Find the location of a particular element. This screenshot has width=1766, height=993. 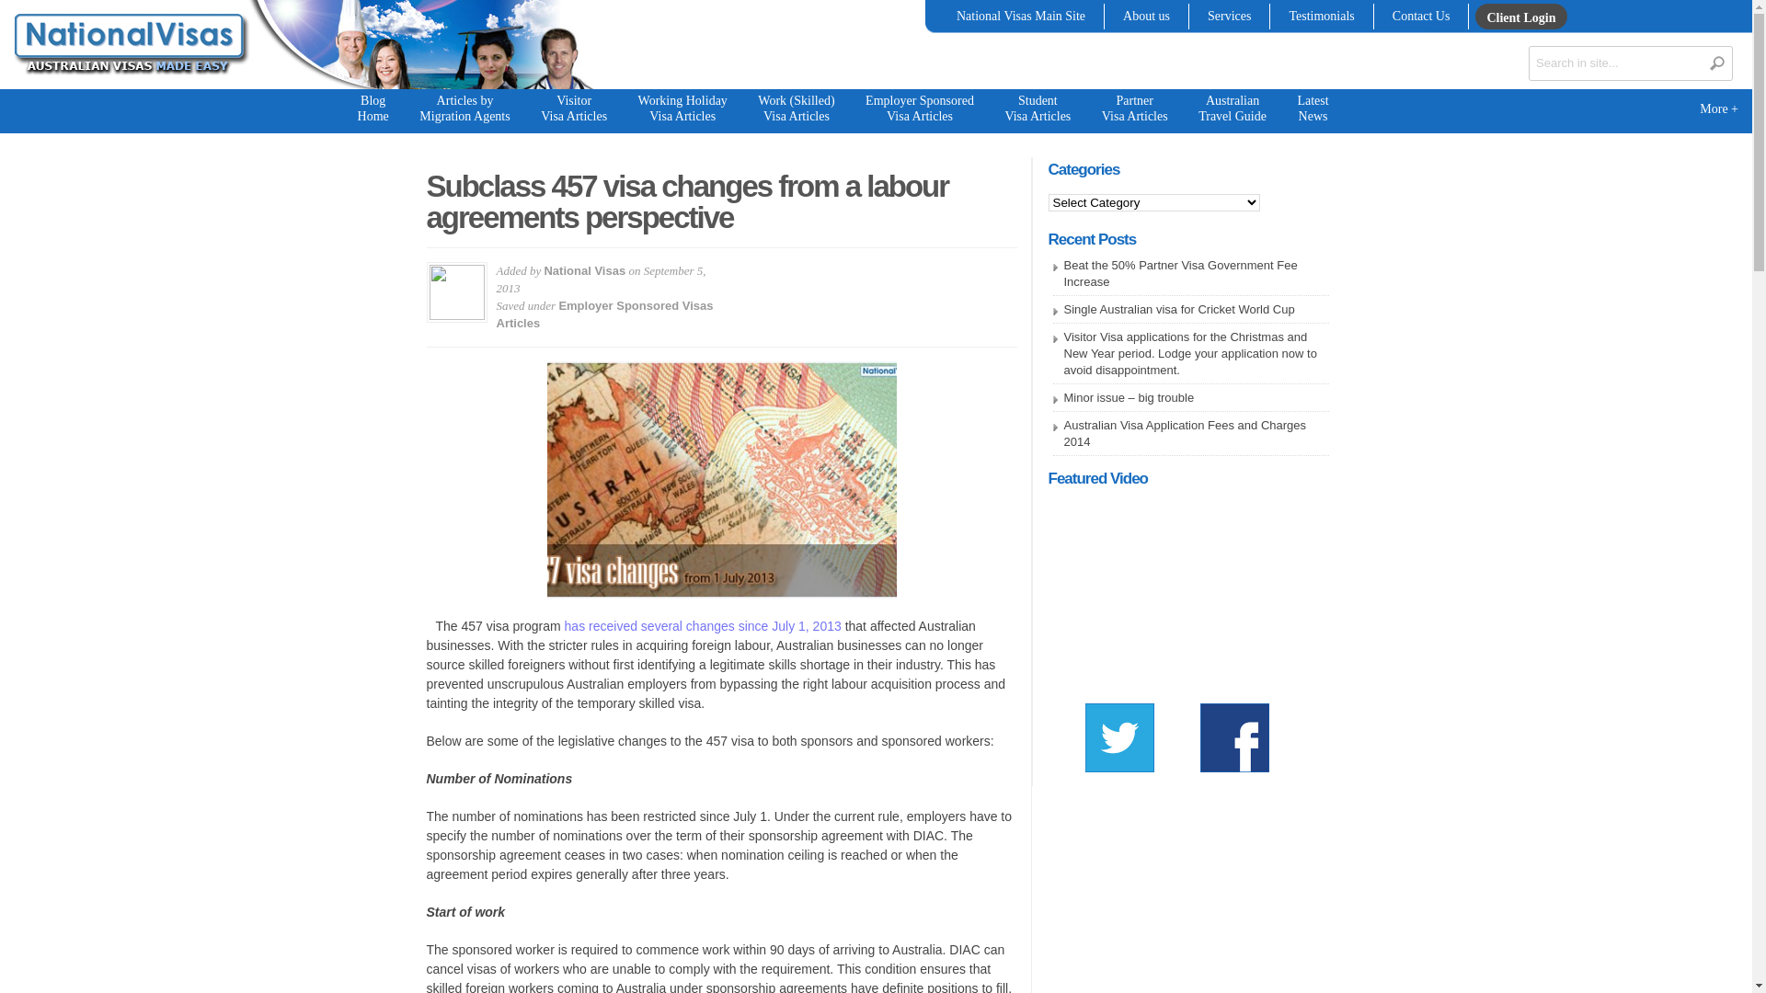

'Latest is located at coordinates (1311, 109).